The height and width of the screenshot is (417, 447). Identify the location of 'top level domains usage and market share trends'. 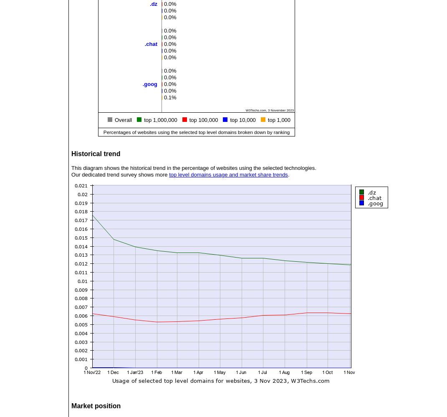
(228, 174).